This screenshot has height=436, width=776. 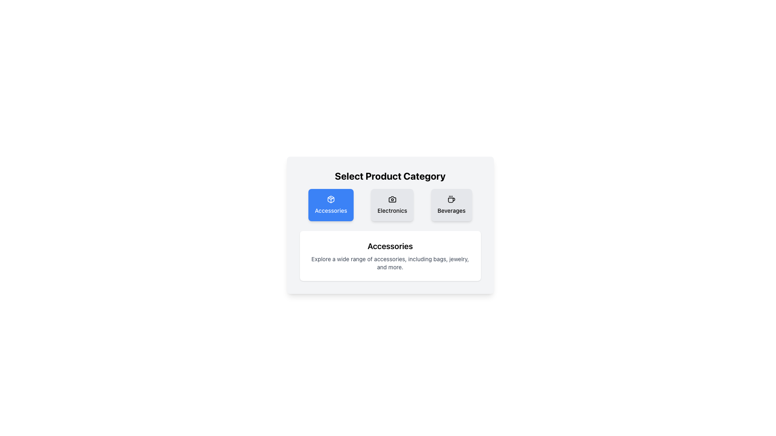 What do you see at coordinates (451, 205) in the screenshot?
I see `the 'Beverages' button, which is a light gray rectangular button with black text and a coffee cup icon, located as the third item in the 'Select Product Category' section` at bounding box center [451, 205].